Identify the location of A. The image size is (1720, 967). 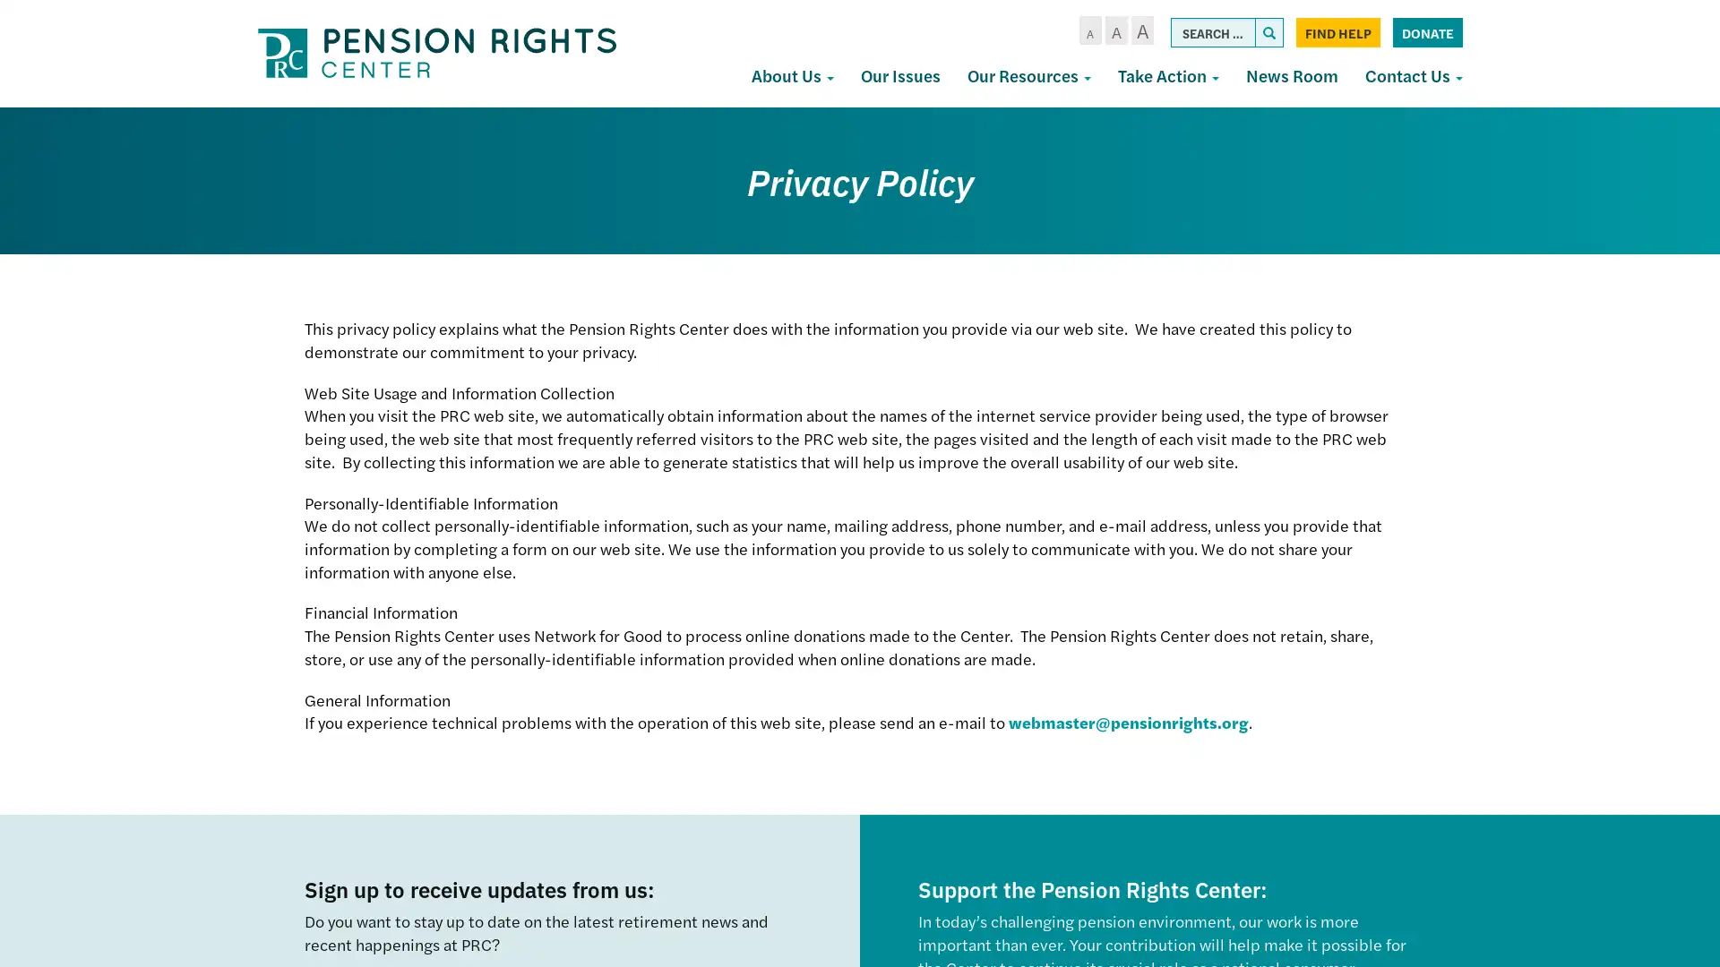
(1140, 30).